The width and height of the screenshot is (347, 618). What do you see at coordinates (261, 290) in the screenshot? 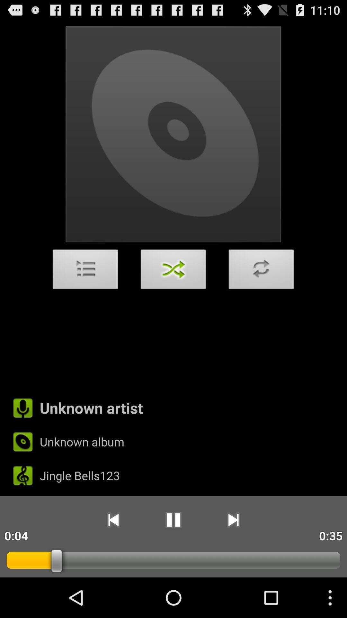
I see `the refresh icon` at bounding box center [261, 290].